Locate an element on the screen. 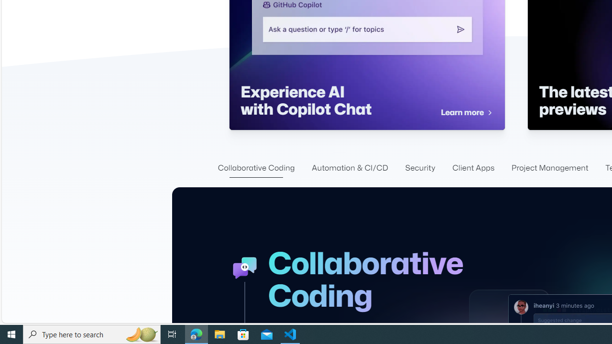 The height and width of the screenshot is (344, 612). 'Security' is located at coordinates (420, 168).